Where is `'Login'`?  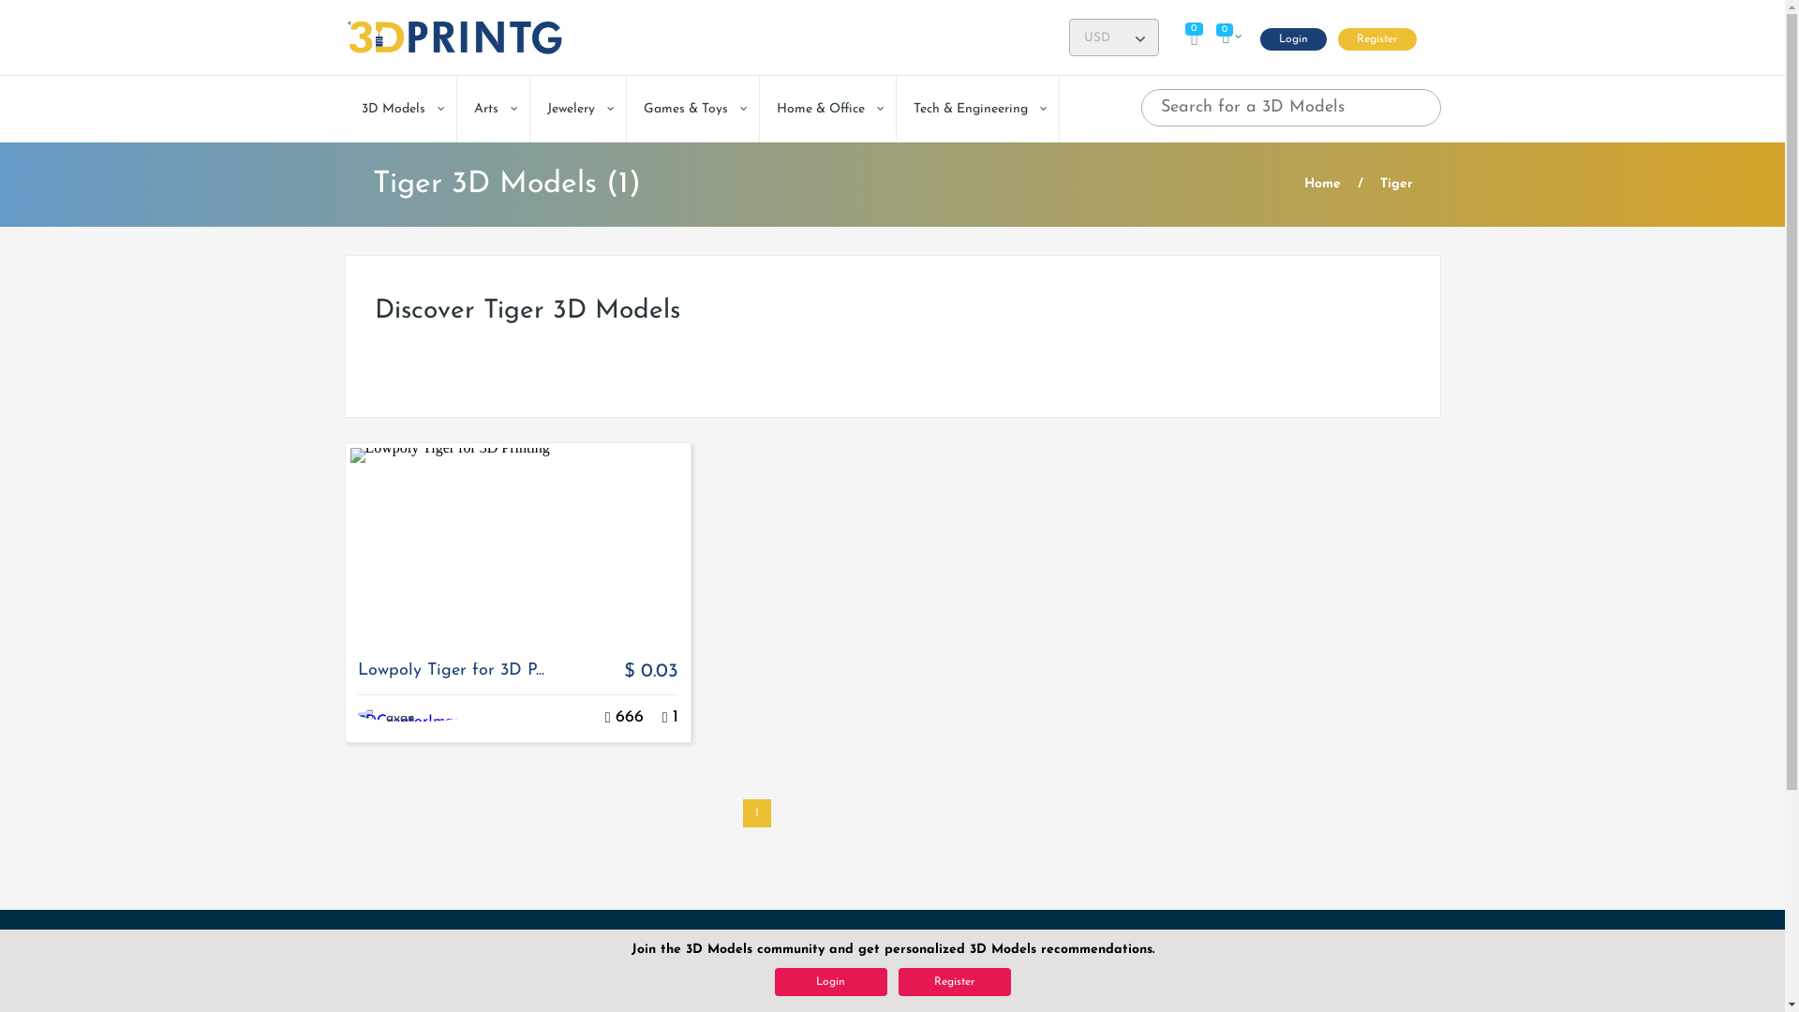 'Login' is located at coordinates (1291, 39).